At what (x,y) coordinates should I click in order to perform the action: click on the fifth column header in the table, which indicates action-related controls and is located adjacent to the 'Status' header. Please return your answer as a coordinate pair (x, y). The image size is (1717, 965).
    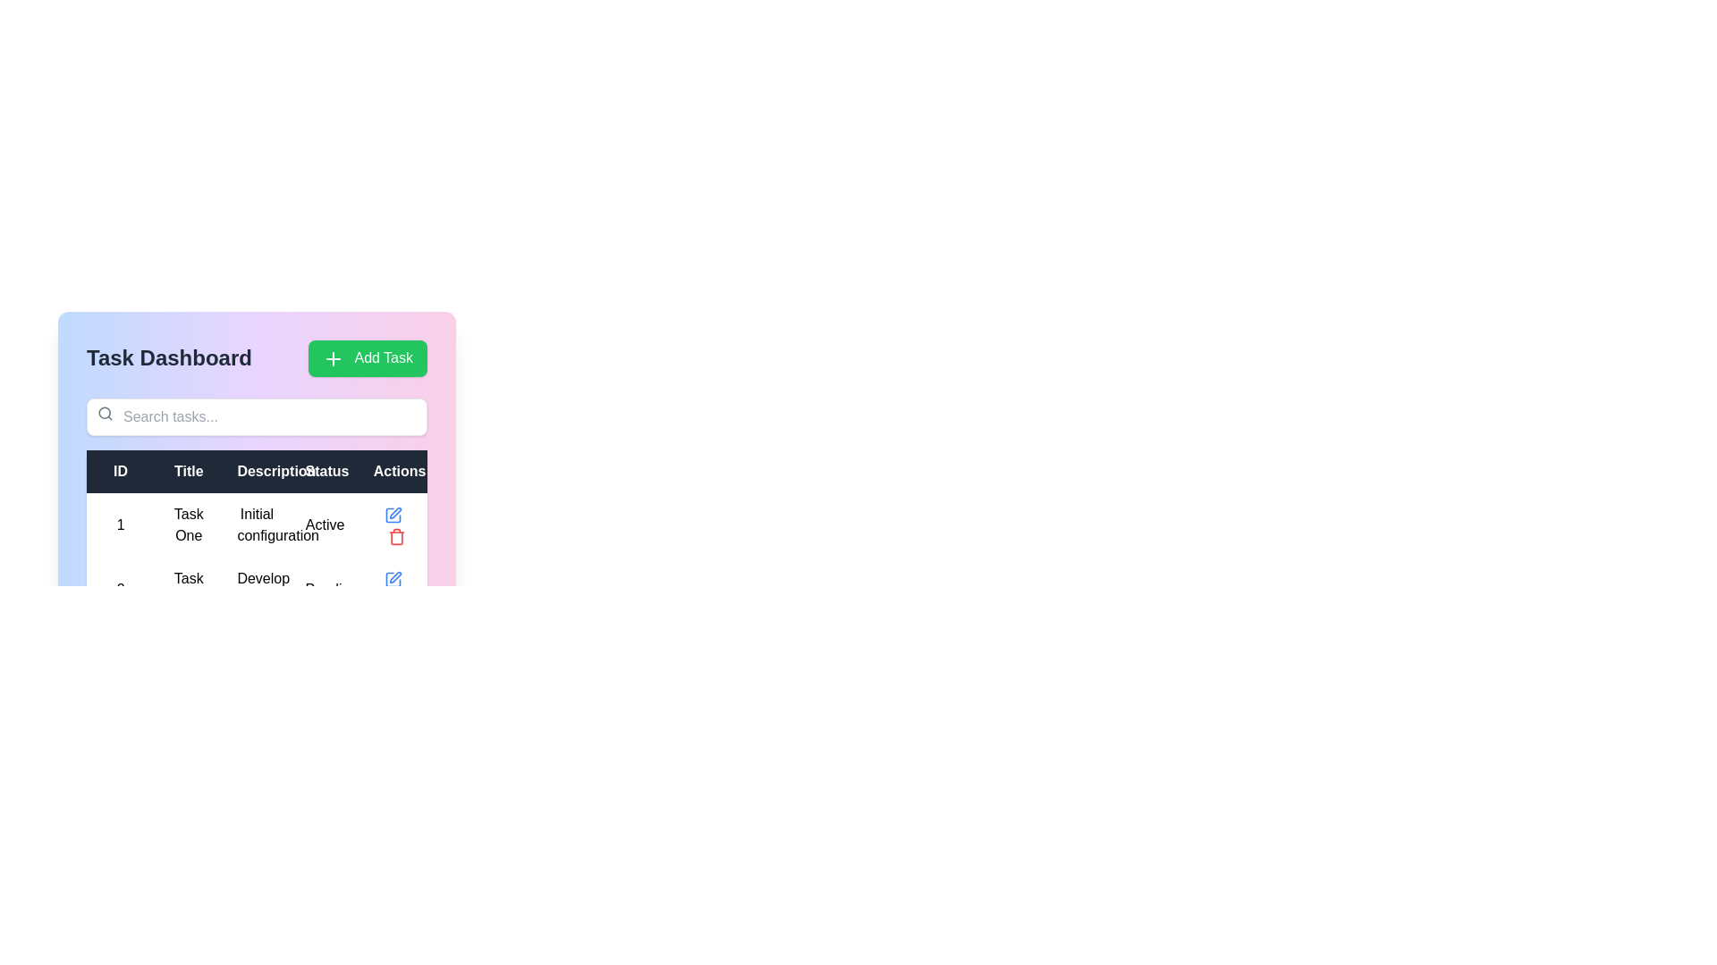
    Looking at the image, I should click on (392, 470).